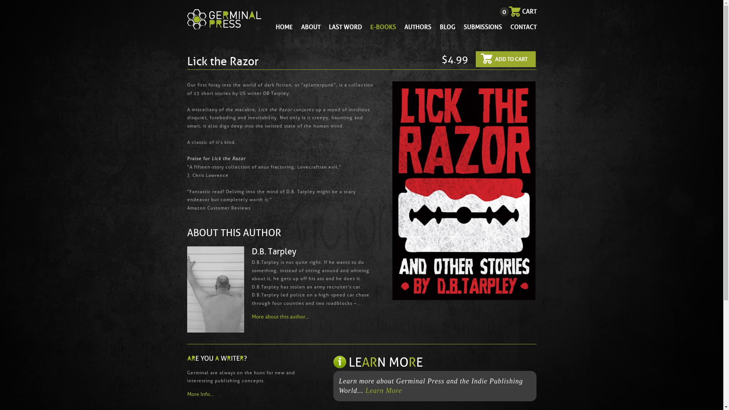 Image resolution: width=729 pixels, height=410 pixels. Describe the element at coordinates (522, 11) in the screenshot. I see `'0` at that location.